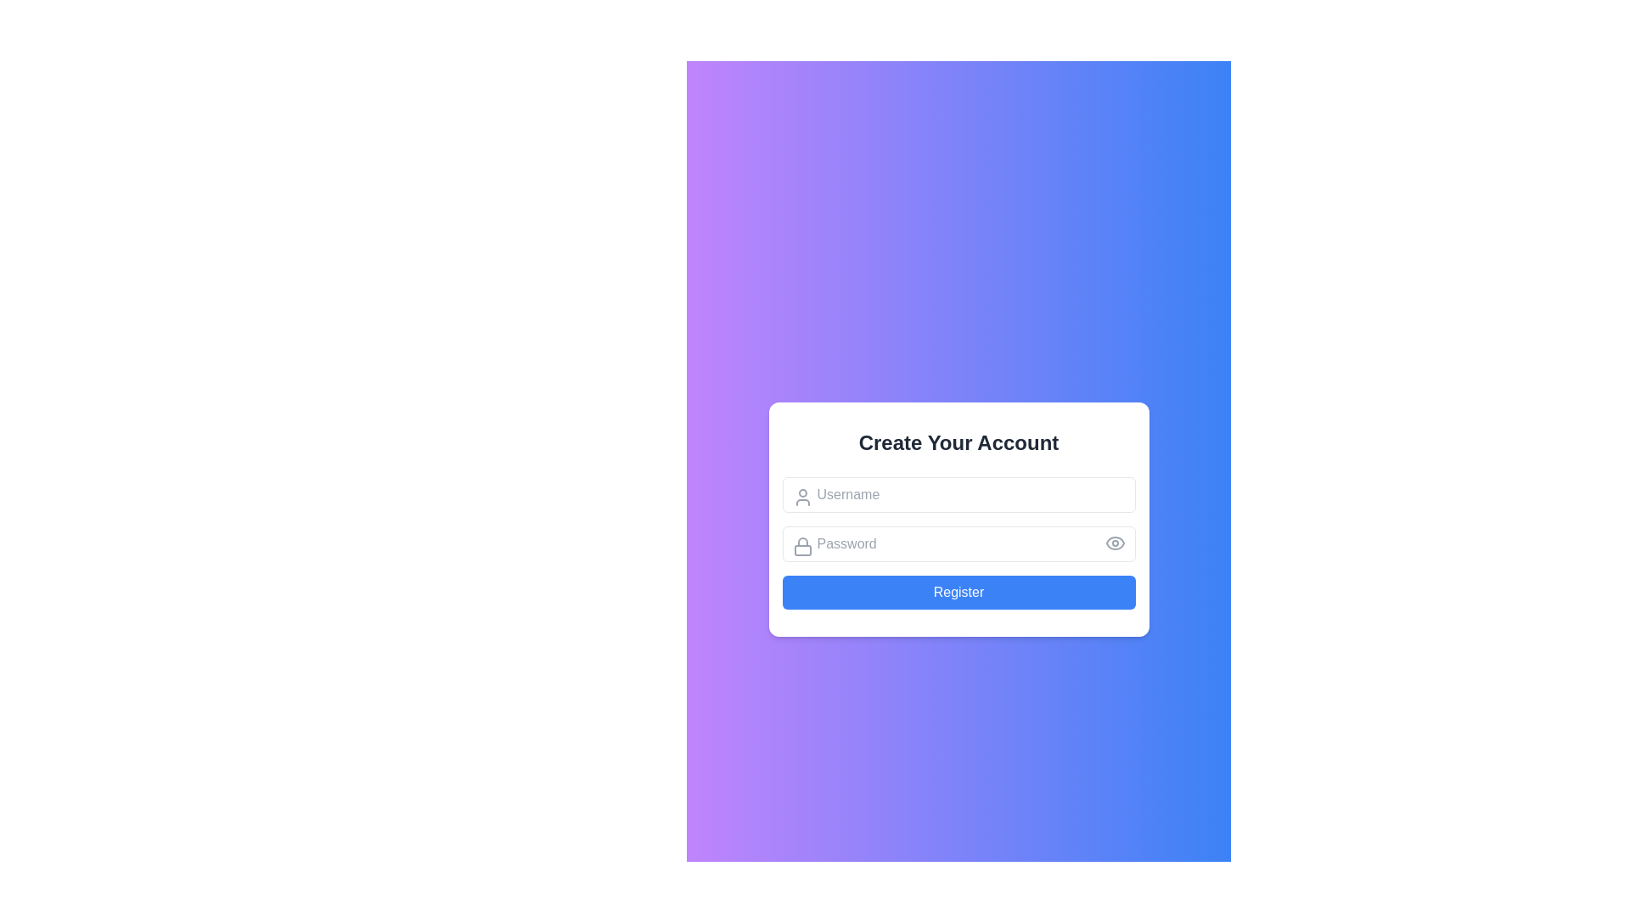 The width and height of the screenshot is (1630, 917). What do you see at coordinates (801, 542) in the screenshot?
I see `the top curve of the SVG lock icon, which visually completes the lock icon used for security representation` at bounding box center [801, 542].